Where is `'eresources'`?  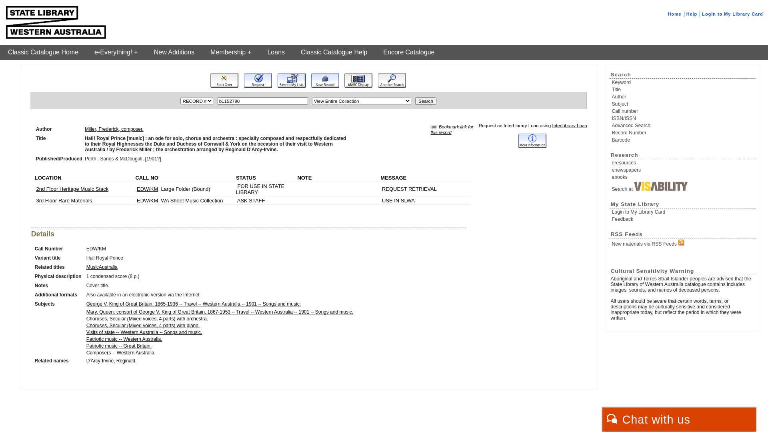 'eresources' is located at coordinates (683, 162).